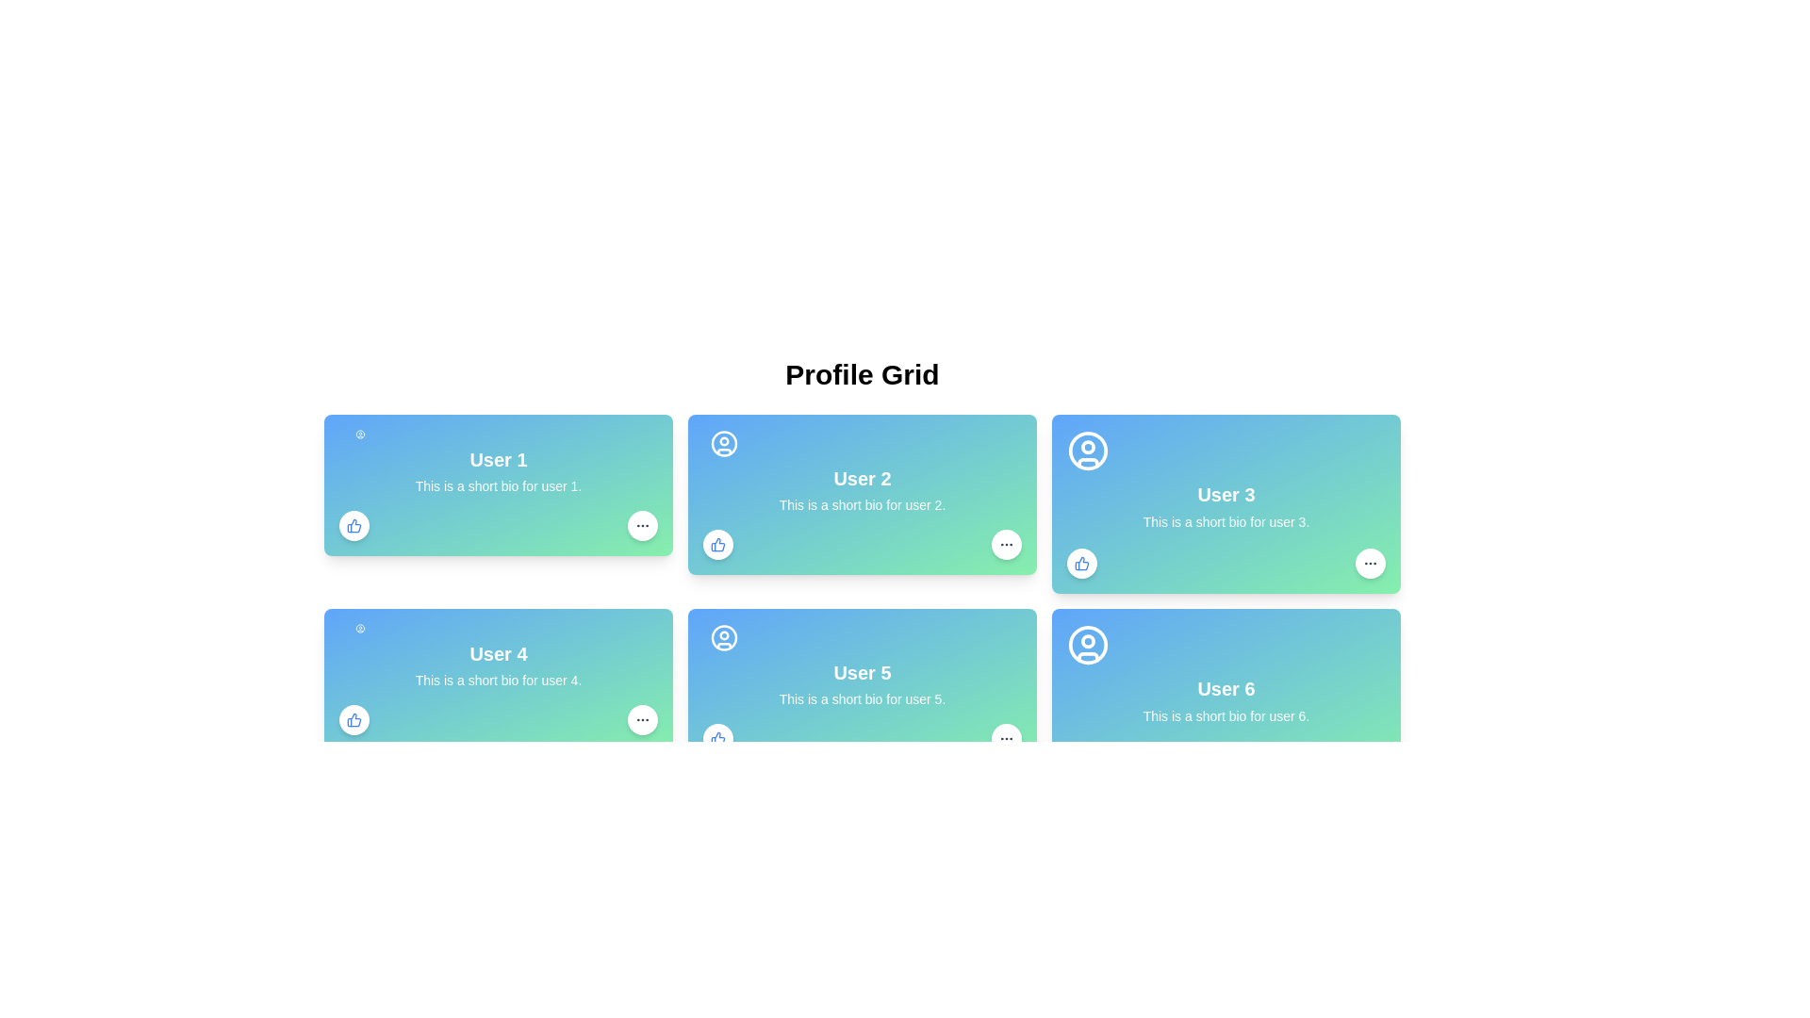 The image size is (1810, 1018). What do you see at coordinates (1088, 644) in the screenshot?
I see `the profile picture placeholder icon for 'User 6' located at the top left of their profile card` at bounding box center [1088, 644].